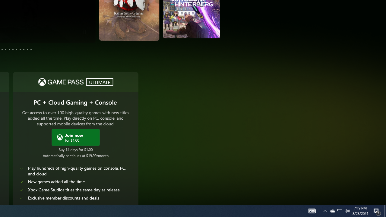 The height and width of the screenshot is (217, 386). Describe the element at coordinates (17, 49) in the screenshot. I see `'Page 8'` at that location.